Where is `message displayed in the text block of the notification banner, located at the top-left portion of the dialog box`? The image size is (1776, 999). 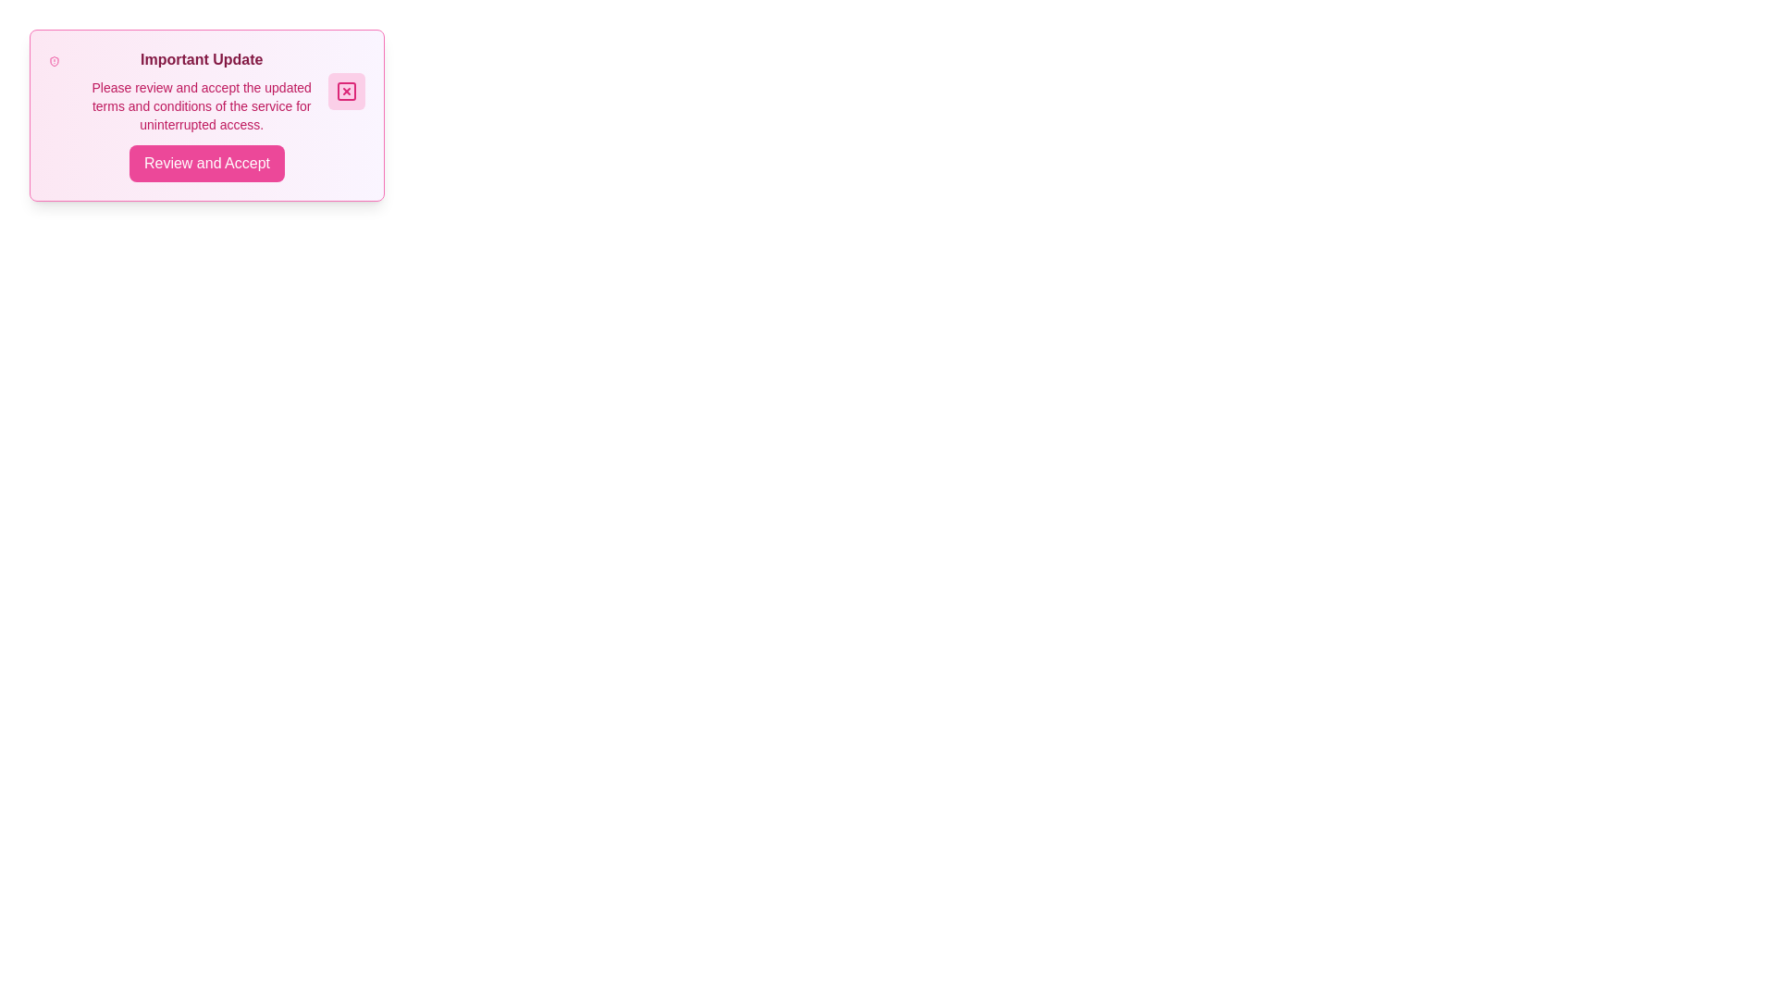 message displayed in the text block of the notification banner, located at the top-left portion of the dialog box is located at coordinates (188, 92).